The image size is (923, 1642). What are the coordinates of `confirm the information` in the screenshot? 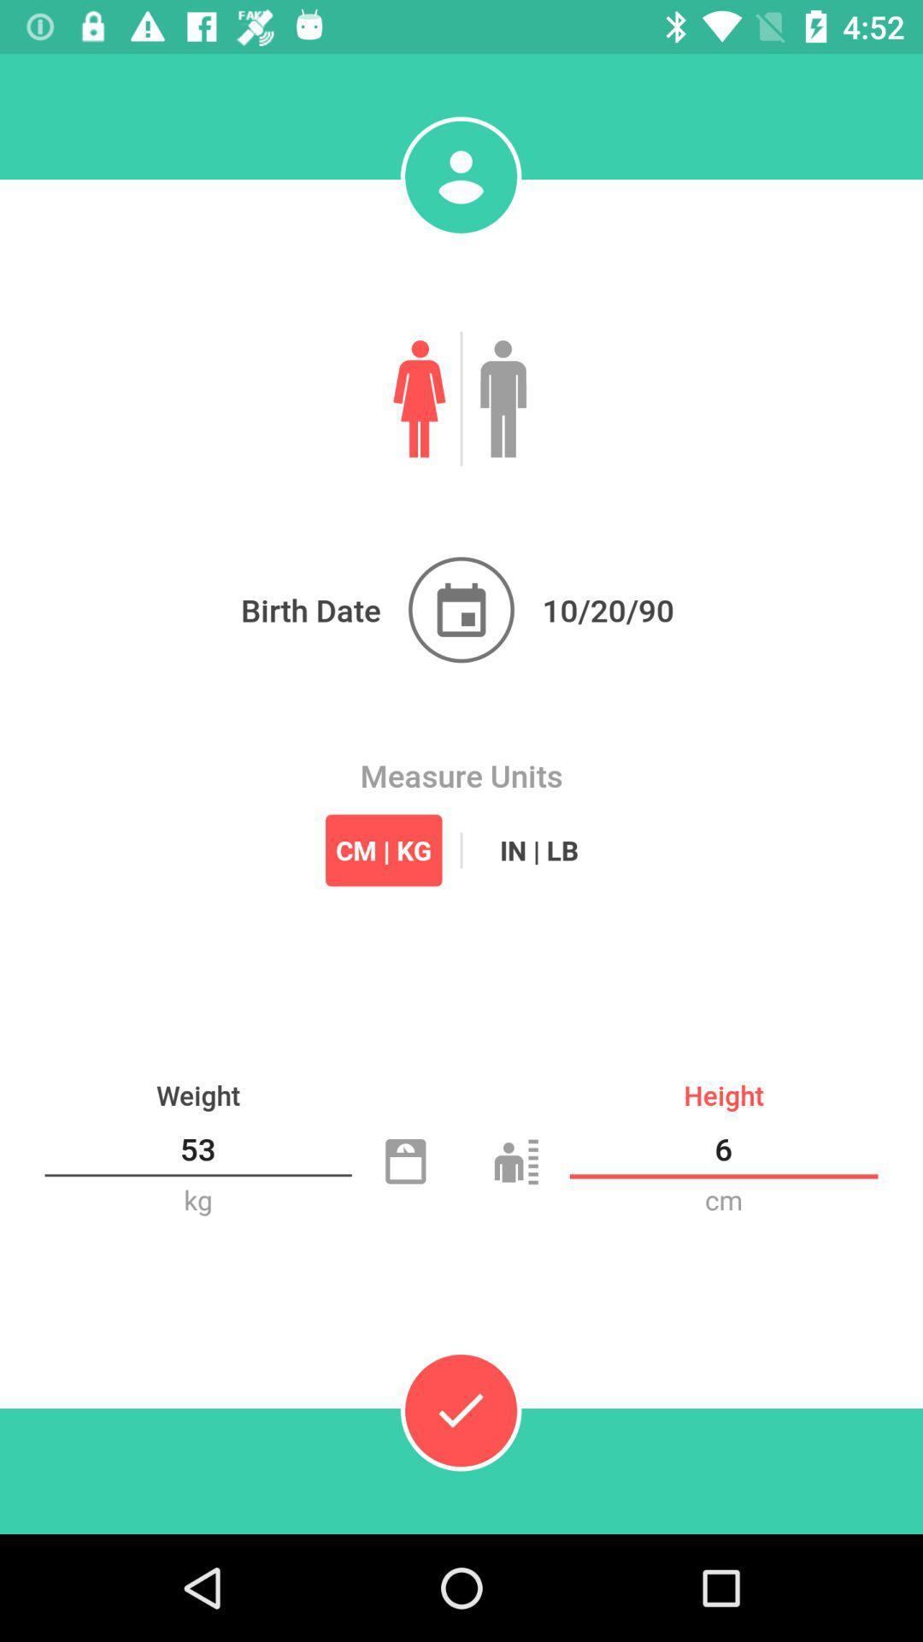 It's located at (460, 1410).